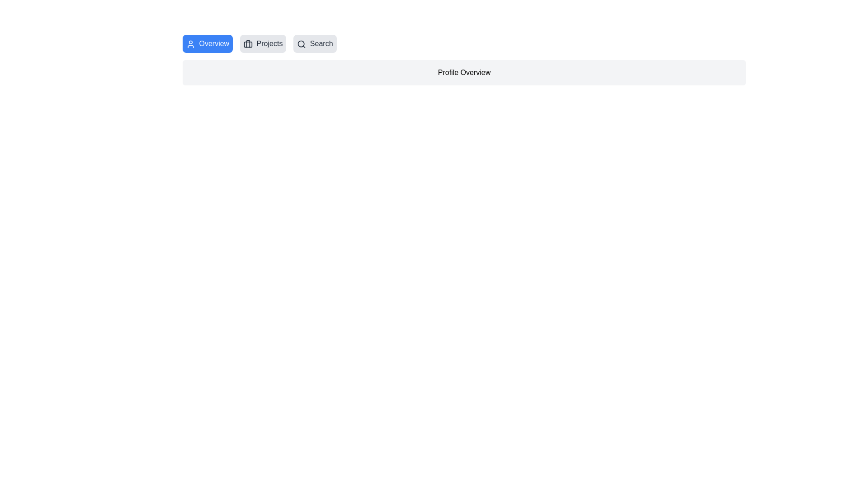 The width and height of the screenshot is (868, 488). What do you see at coordinates (315, 43) in the screenshot?
I see `the Search tab by clicking on its corresponding button` at bounding box center [315, 43].